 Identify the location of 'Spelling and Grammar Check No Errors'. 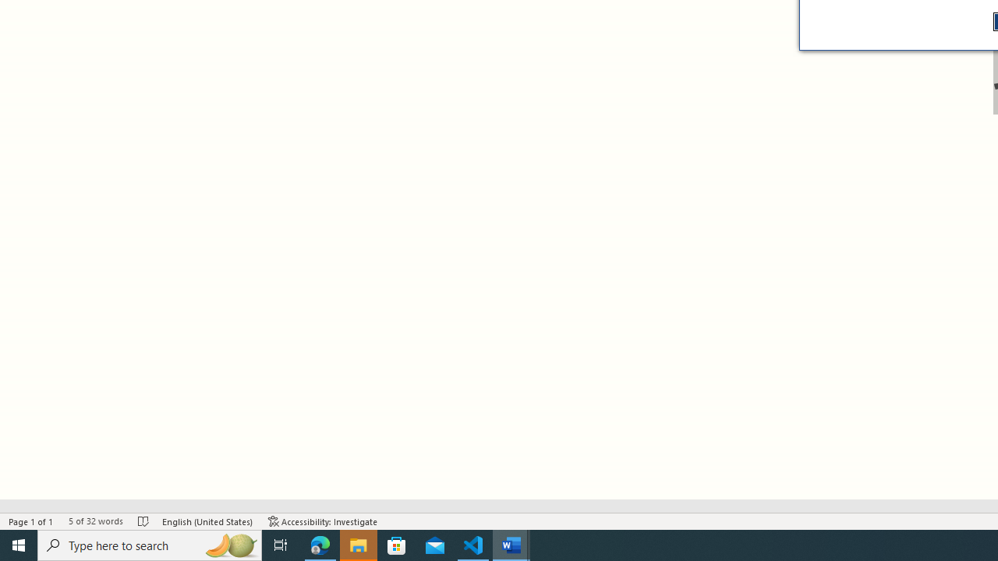
(143, 521).